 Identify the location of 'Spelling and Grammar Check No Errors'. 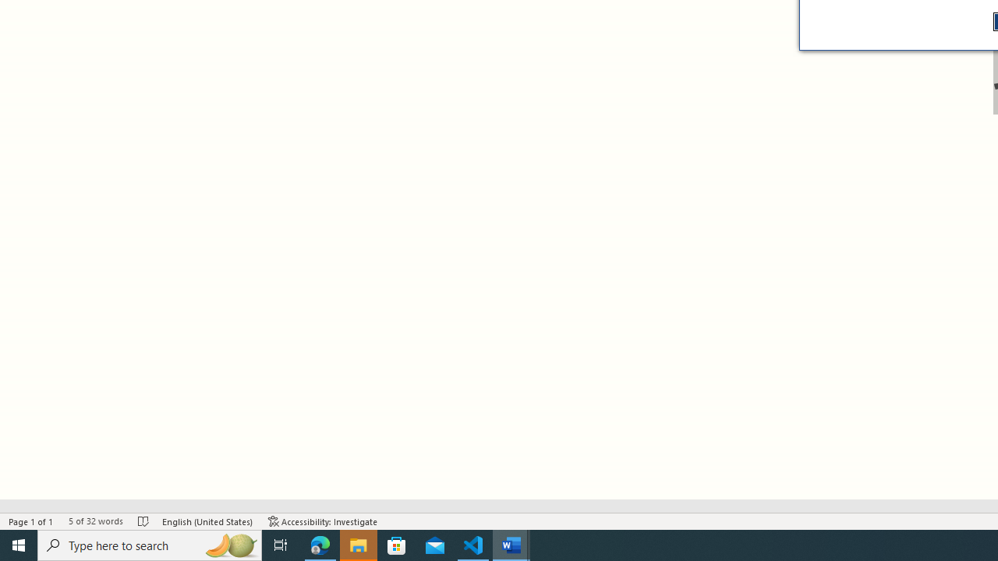
(143, 521).